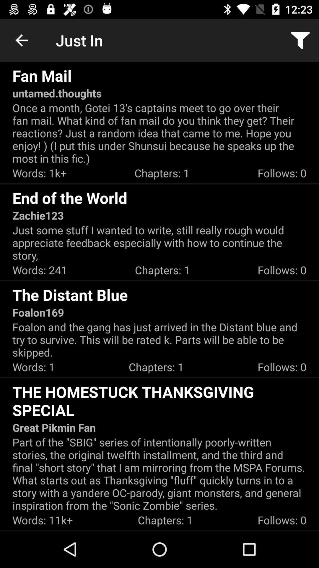  Describe the element at coordinates (159, 401) in the screenshot. I see `the homestuck thanksgiving` at that location.